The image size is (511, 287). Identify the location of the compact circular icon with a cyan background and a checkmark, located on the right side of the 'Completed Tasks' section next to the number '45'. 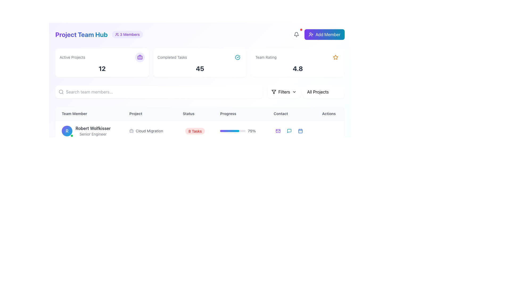
(237, 57).